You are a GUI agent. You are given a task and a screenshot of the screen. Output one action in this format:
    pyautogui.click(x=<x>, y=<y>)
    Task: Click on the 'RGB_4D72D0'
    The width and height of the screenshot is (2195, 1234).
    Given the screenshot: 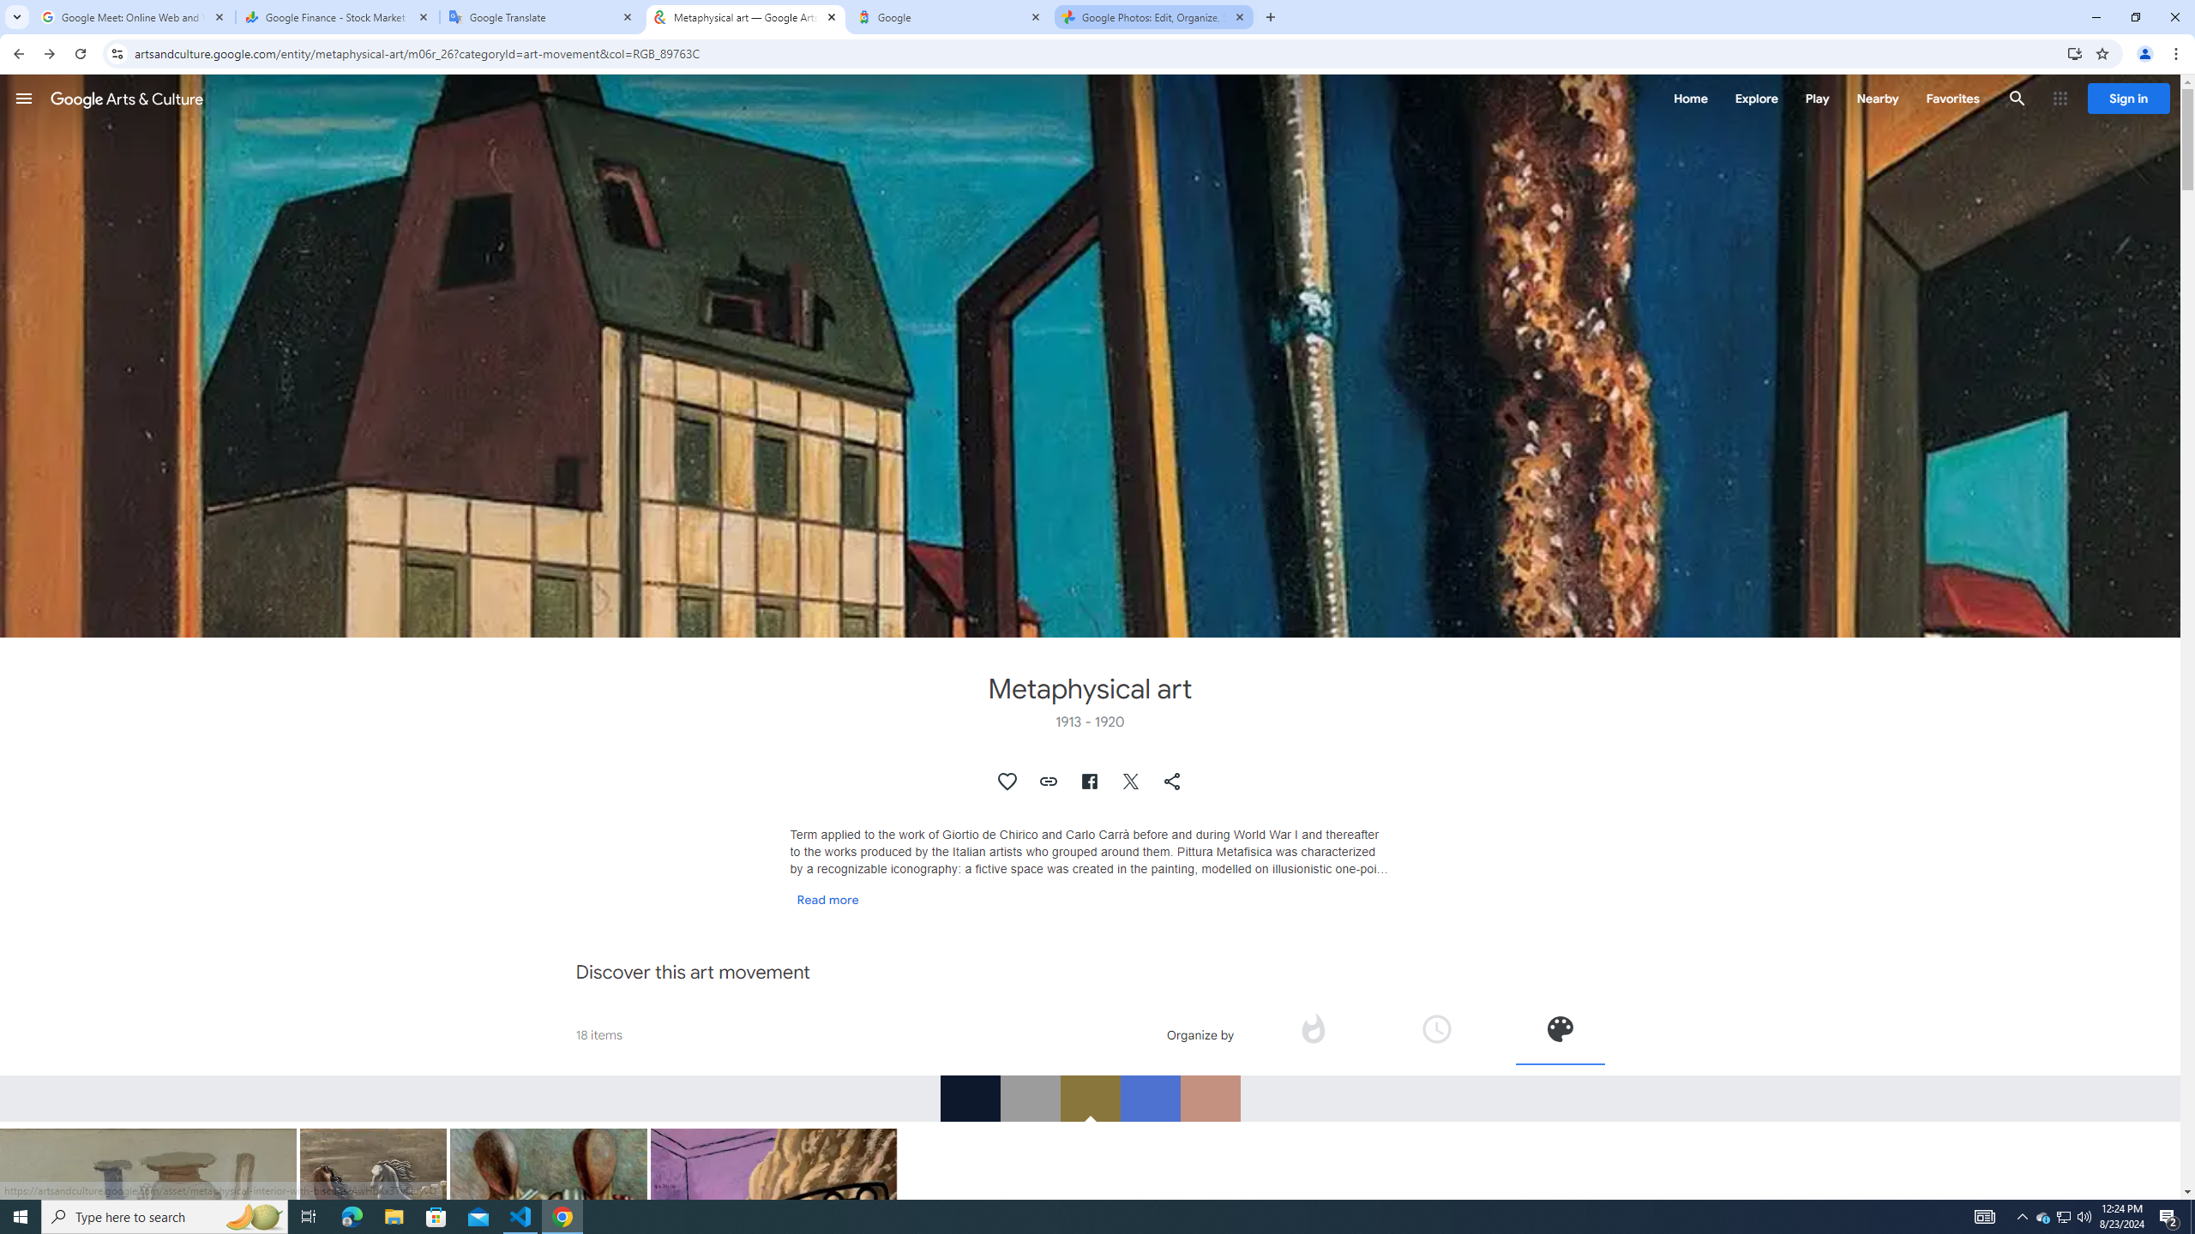 What is the action you would take?
    pyautogui.click(x=1150, y=1097)
    